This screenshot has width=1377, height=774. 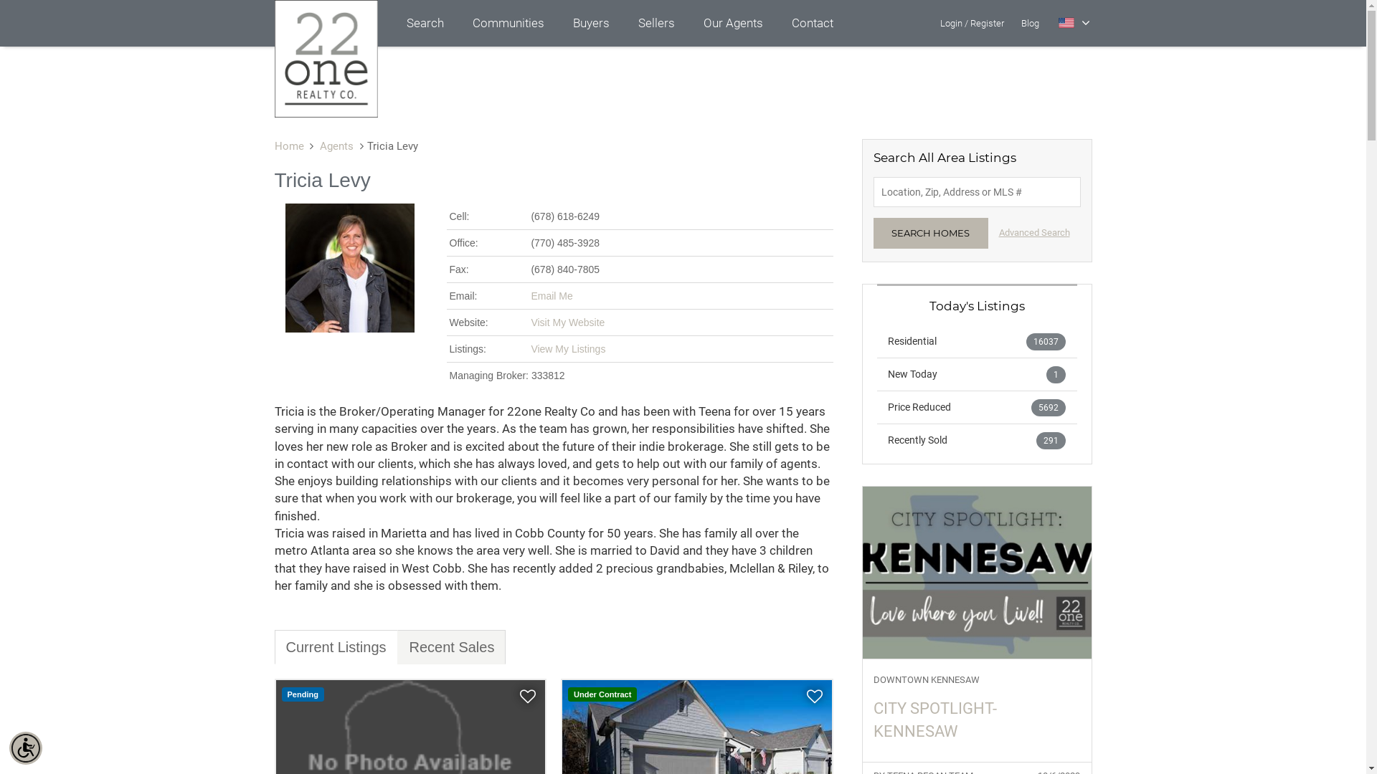 What do you see at coordinates (529, 242) in the screenshot?
I see `'(770) 485-3928'` at bounding box center [529, 242].